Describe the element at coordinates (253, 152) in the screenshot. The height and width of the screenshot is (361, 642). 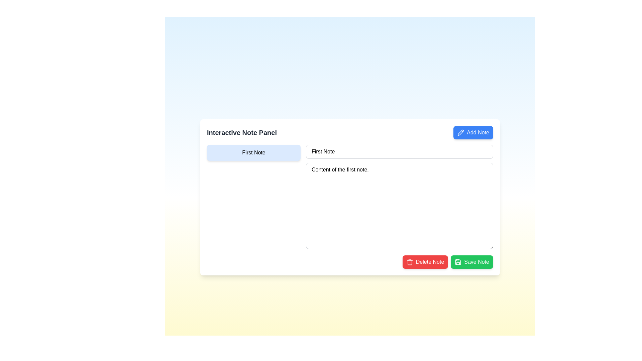
I see `the navigation button for the note labeled 'First Note'` at that location.